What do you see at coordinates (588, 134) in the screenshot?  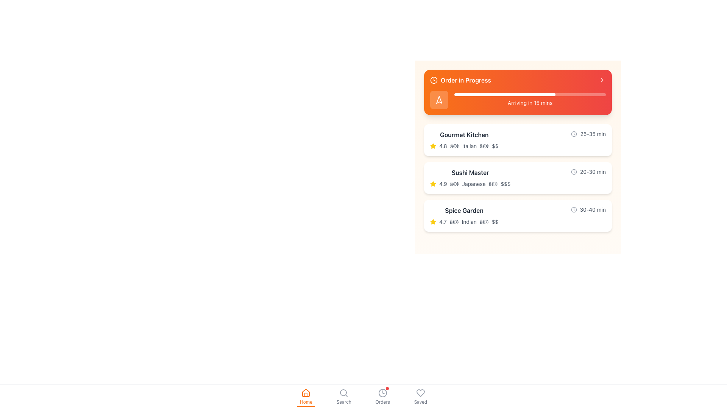 I see `the text label displaying '25-35 min', which is styled in gray and indicates the estimated delivery time, located on the right side of the 'Gourmet Kitchen' section` at bounding box center [588, 134].